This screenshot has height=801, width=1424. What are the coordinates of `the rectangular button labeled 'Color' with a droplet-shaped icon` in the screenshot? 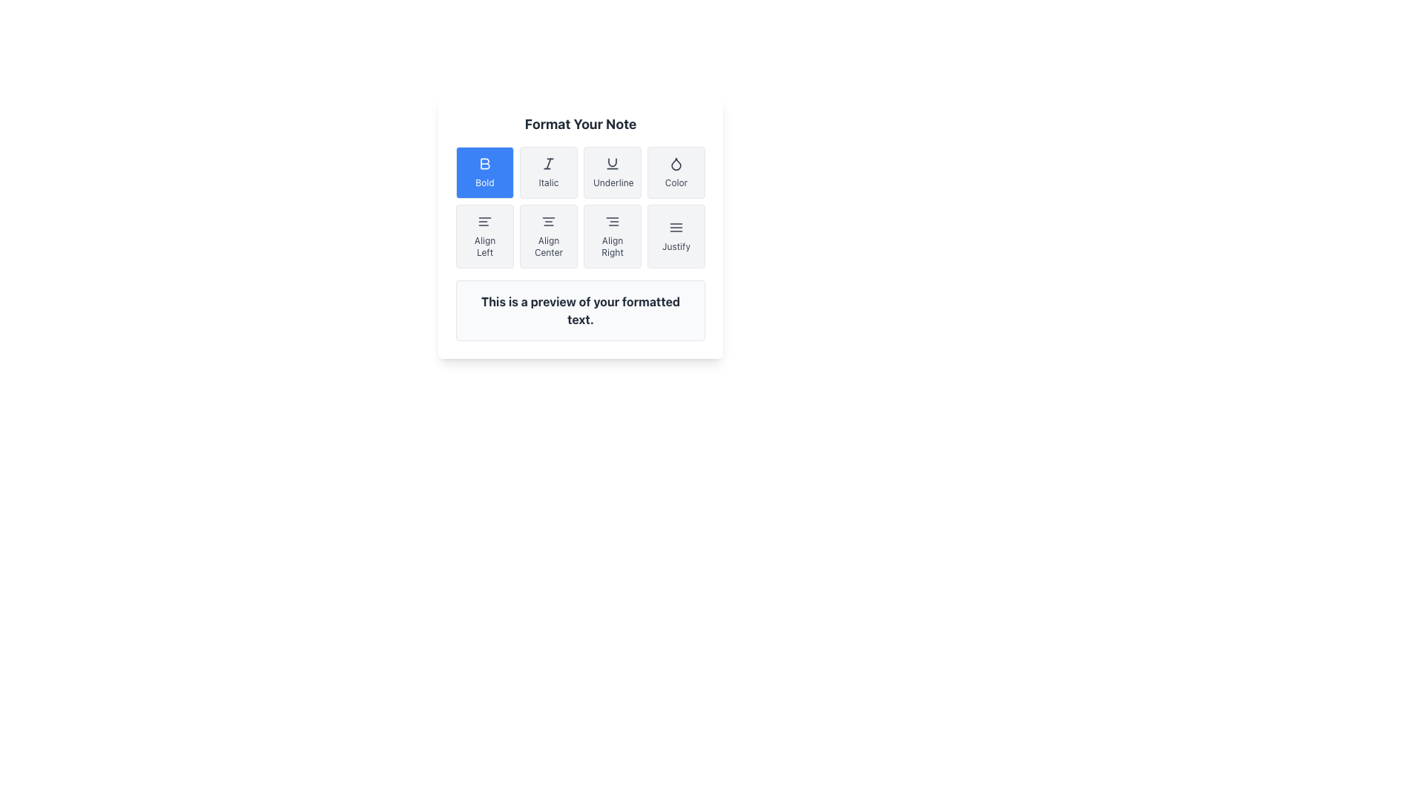 It's located at (676, 171).